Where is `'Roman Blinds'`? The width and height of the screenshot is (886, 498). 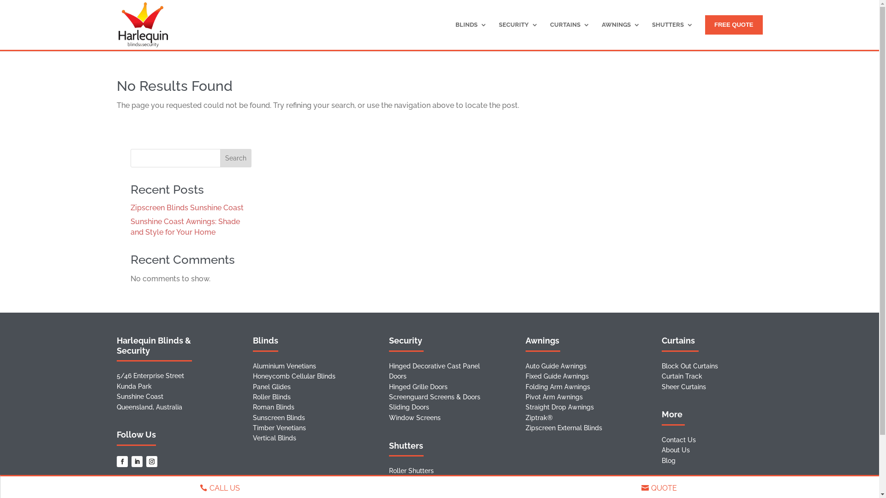
'Roman Blinds' is located at coordinates (273, 407).